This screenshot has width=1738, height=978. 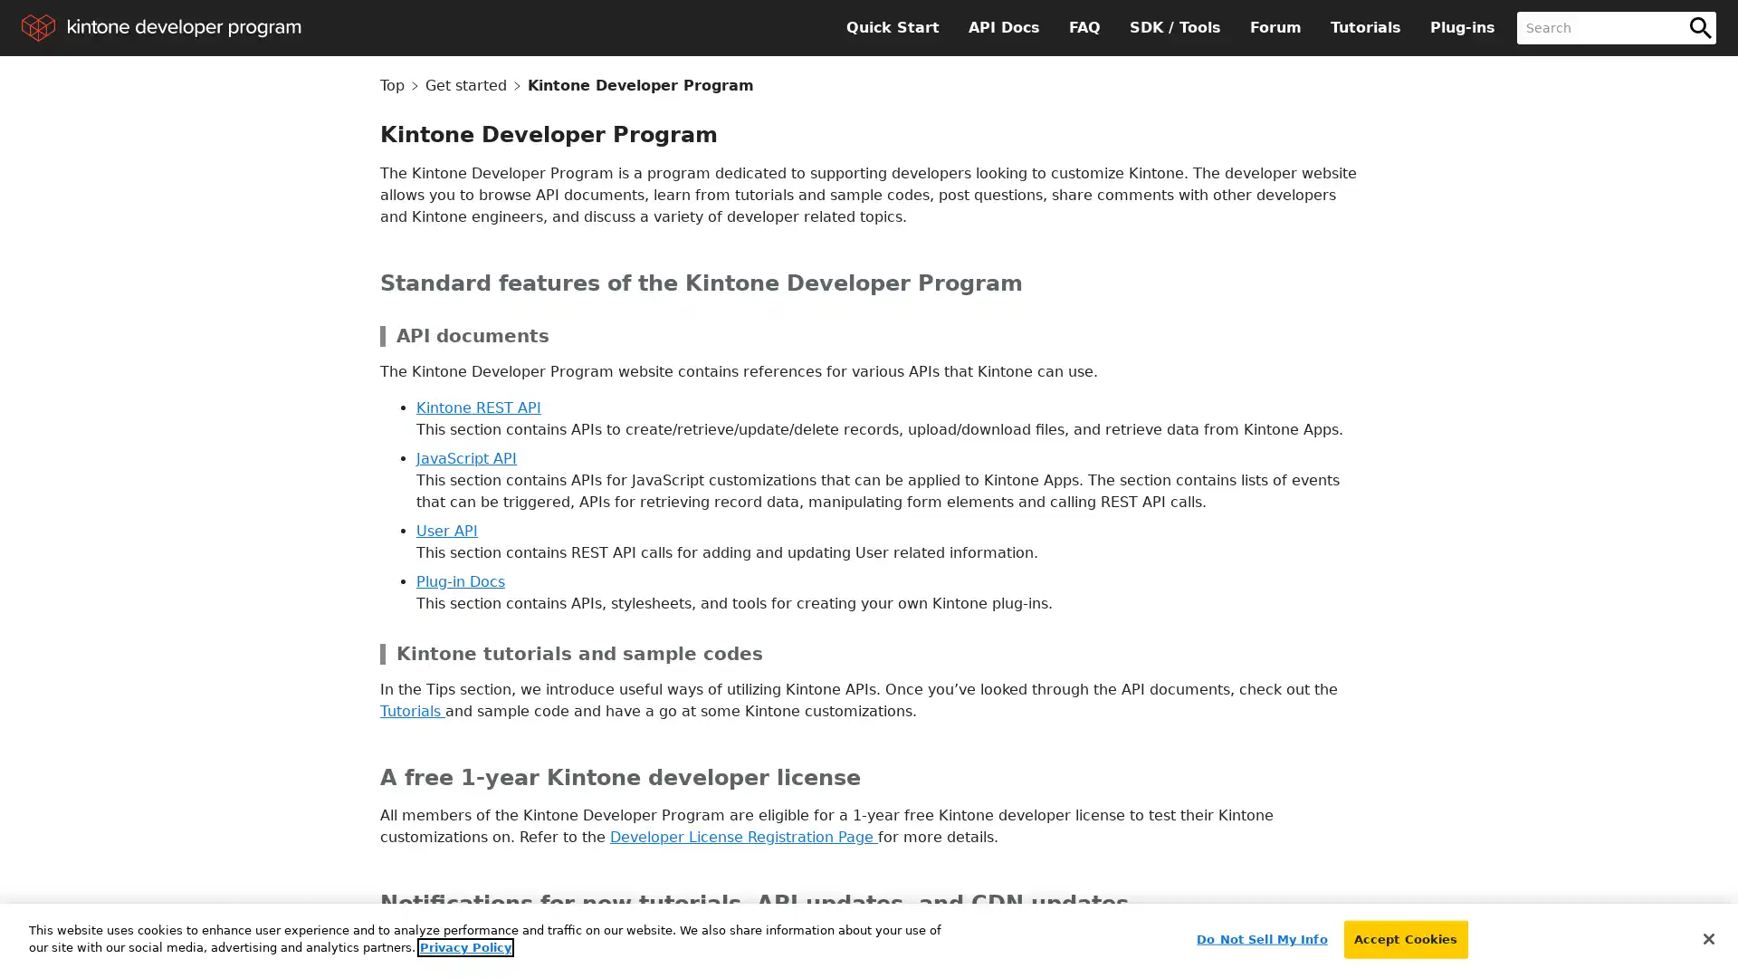 I want to click on Search, so click(x=1699, y=27).